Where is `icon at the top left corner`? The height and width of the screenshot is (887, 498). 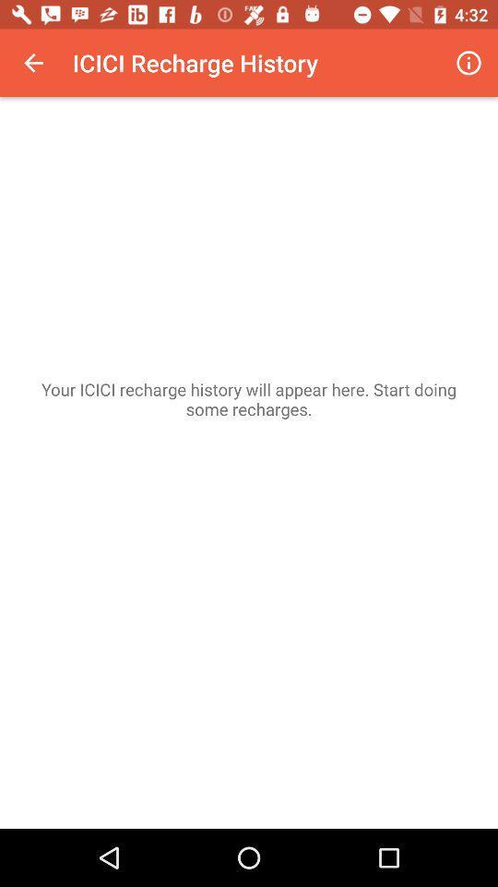
icon at the top left corner is located at coordinates (33, 63).